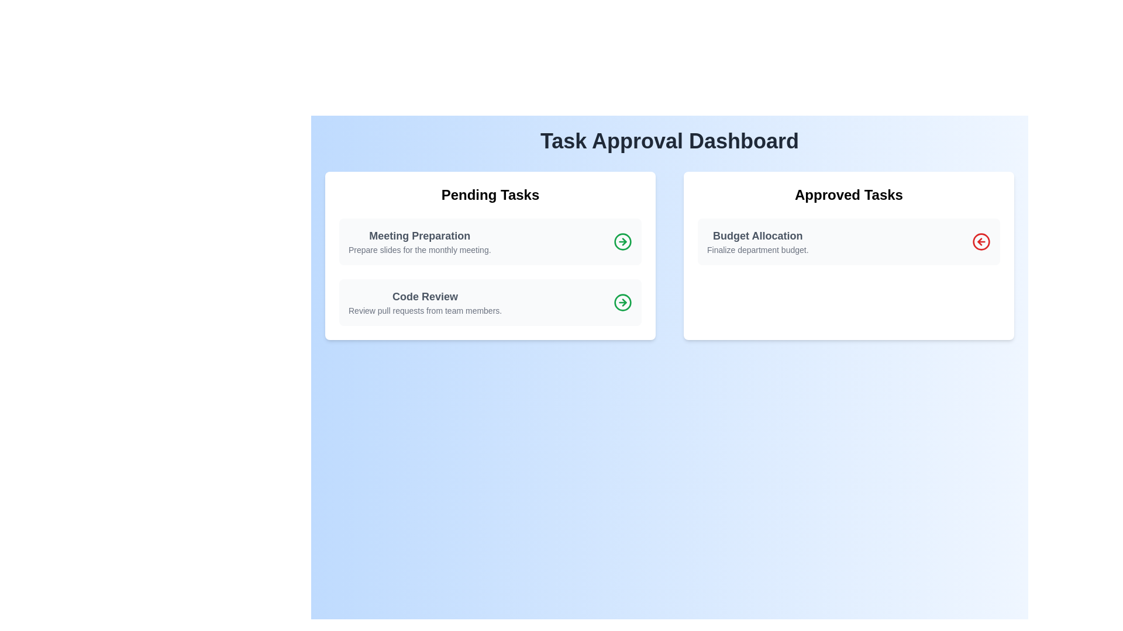 Image resolution: width=1123 pixels, height=631 pixels. I want to click on the circular button with a green border and white interior, featuring a green rightward-pointing arrow, located in the second row of the 'Pending Tasks' section for accessibility purposes, so click(622, 301).